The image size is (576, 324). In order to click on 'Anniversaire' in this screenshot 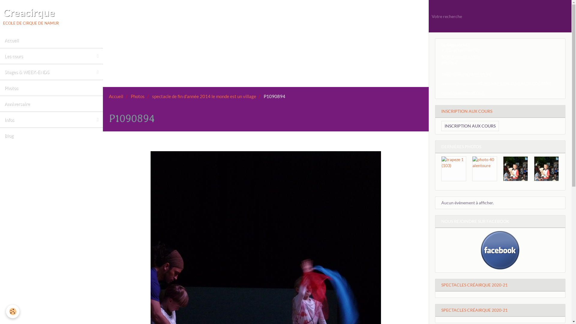, I will do `click(51, 103)`.